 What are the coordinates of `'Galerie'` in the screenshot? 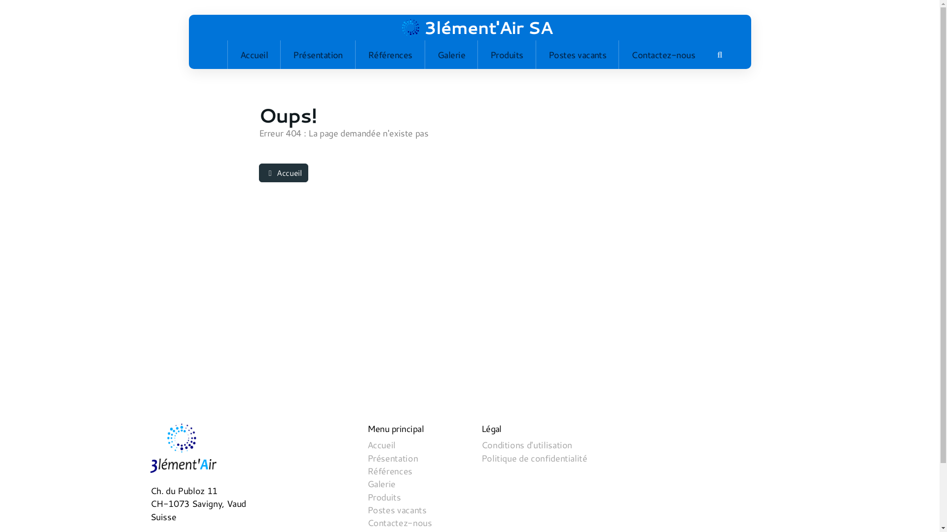 It's located at (380, 483).